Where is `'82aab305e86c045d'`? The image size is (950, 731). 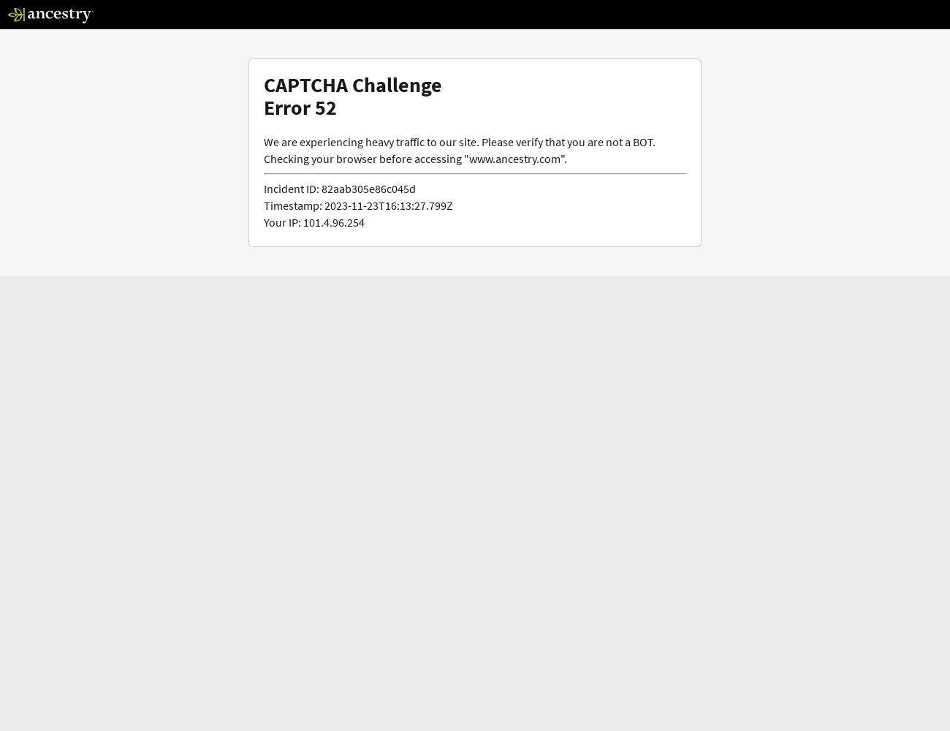
'82aab305e86c045d' is located at coordinates (368, 188).